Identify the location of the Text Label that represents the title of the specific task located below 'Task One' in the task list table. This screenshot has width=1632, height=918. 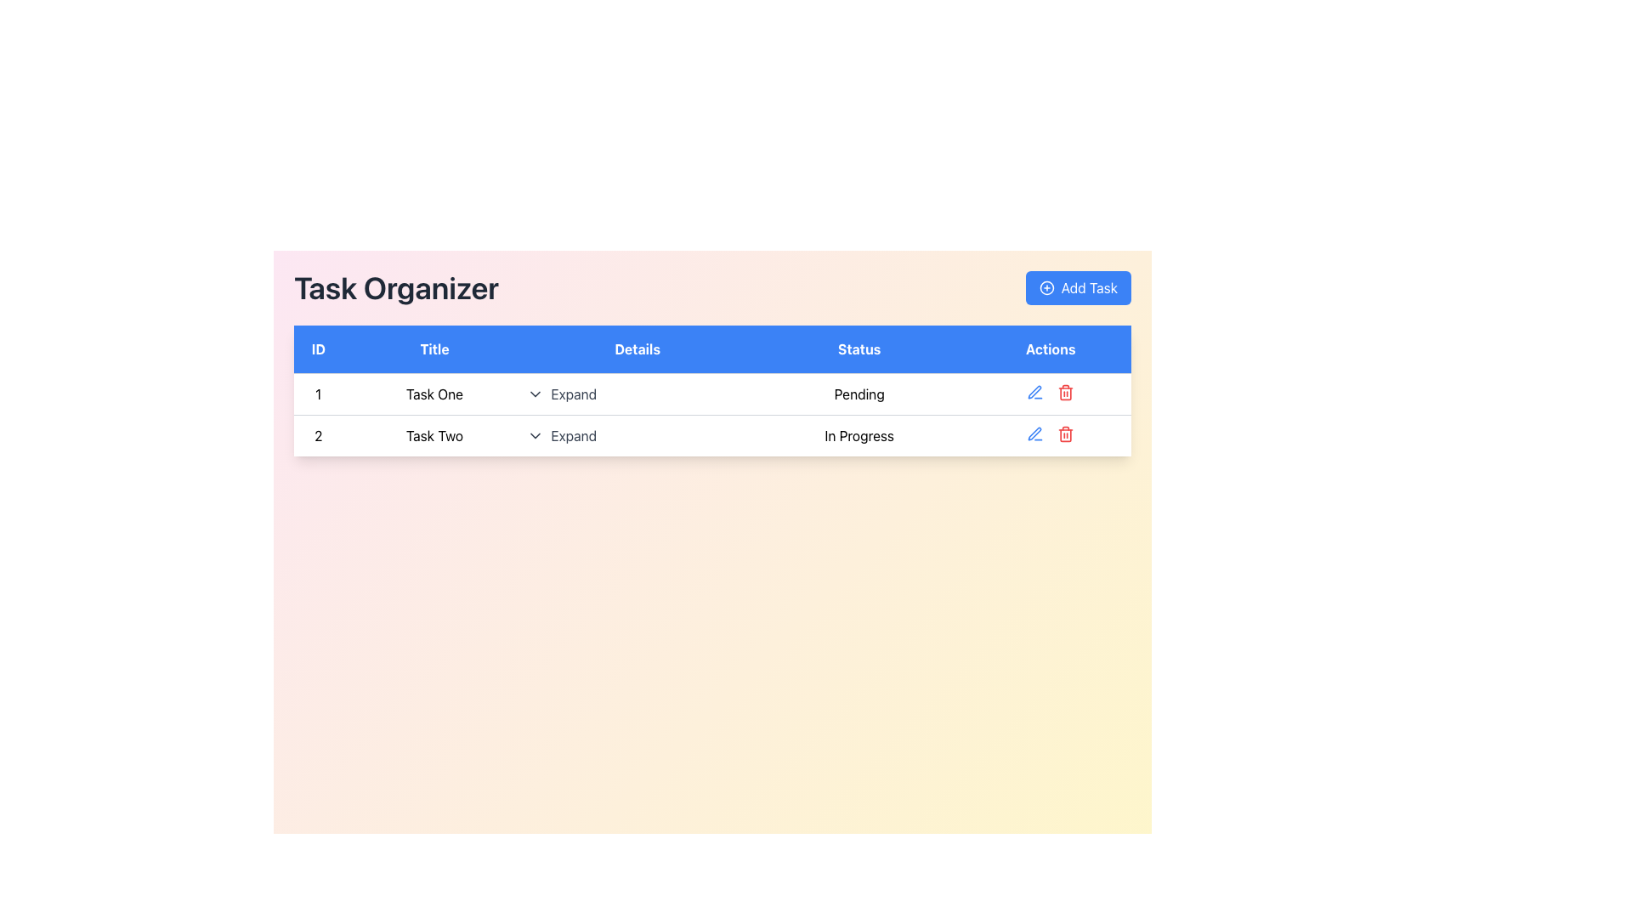
(434, 434).